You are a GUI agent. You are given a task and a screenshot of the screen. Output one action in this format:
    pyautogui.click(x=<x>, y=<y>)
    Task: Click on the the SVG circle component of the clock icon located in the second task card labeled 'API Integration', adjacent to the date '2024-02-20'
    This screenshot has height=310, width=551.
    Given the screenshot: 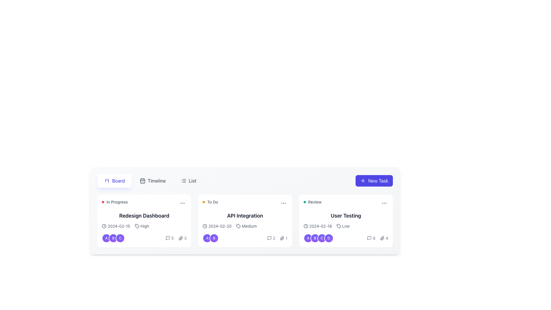 What is the action you would take?
    pyautogui.click(x=205, y=226)
    